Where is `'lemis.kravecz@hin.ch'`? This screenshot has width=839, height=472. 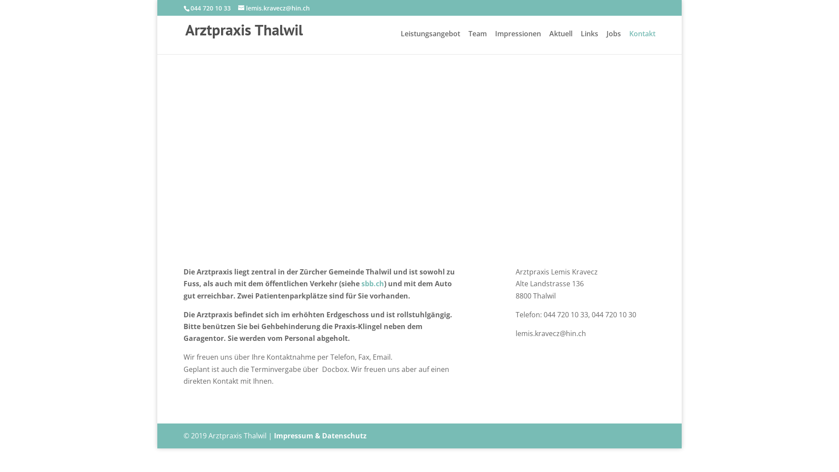
'lemis.kravecz@hin.ch' is located at coordinates (274, 7).